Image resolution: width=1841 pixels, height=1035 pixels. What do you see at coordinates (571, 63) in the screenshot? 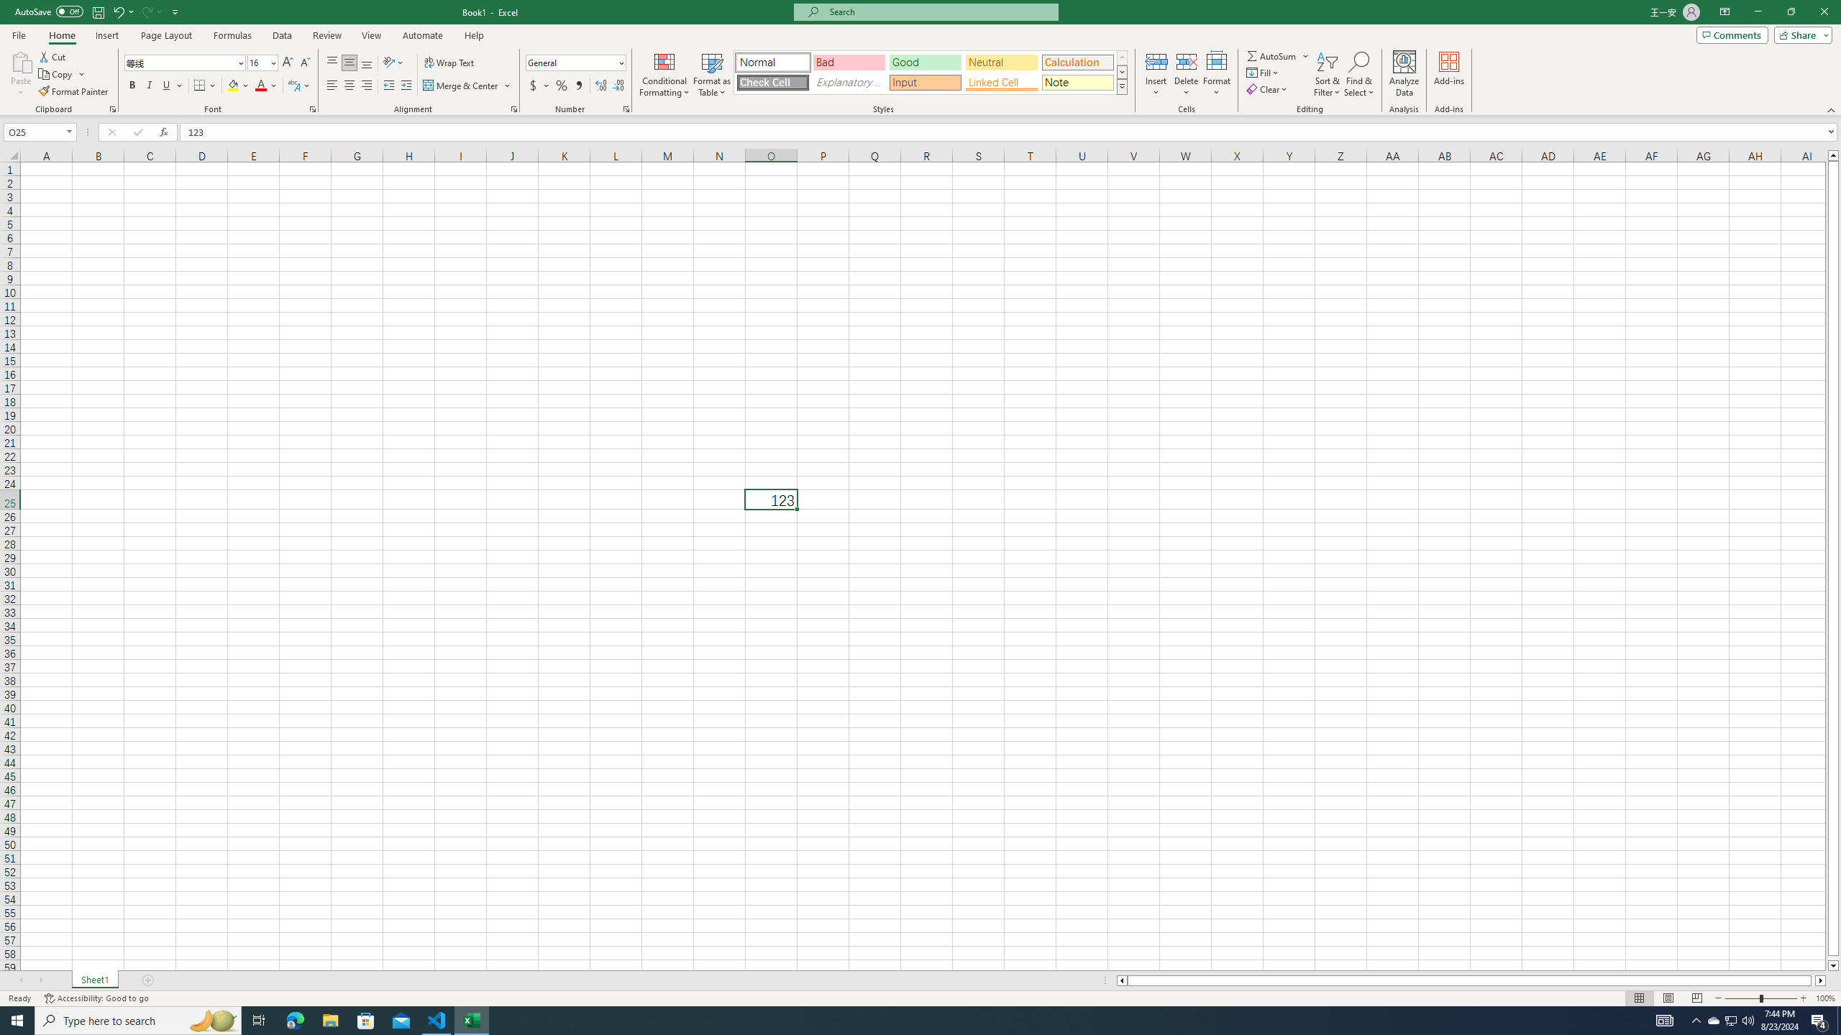
I see `'Number Format'` at bounding box center [571, 63].